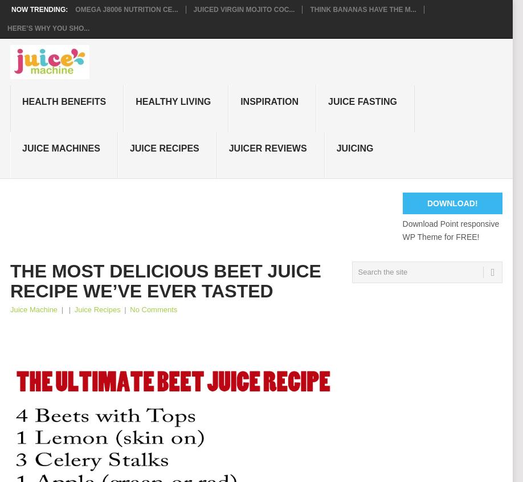  What do you see at coordinates (34, 309) in the screenshot?
I see `'Juice Machine'` at bounding box center [34, 309].